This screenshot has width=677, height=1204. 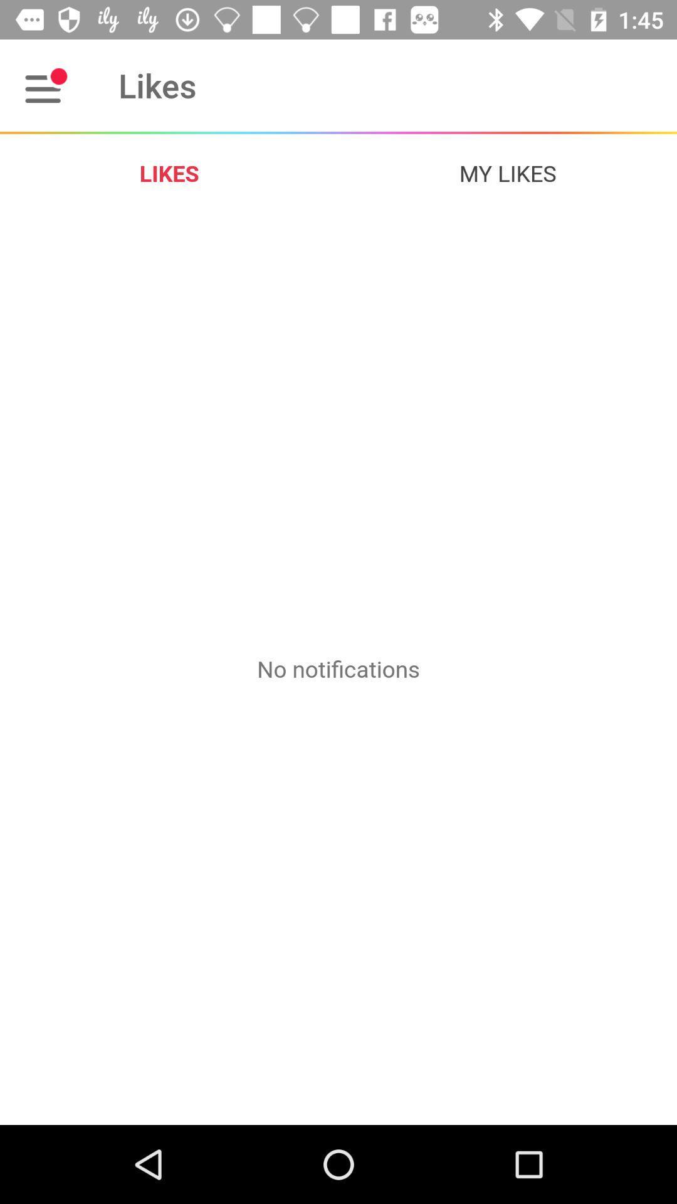 What do you see at coordinates (45, 85) in the screenshot?
I see `menu` at bounding box center [45, 85].